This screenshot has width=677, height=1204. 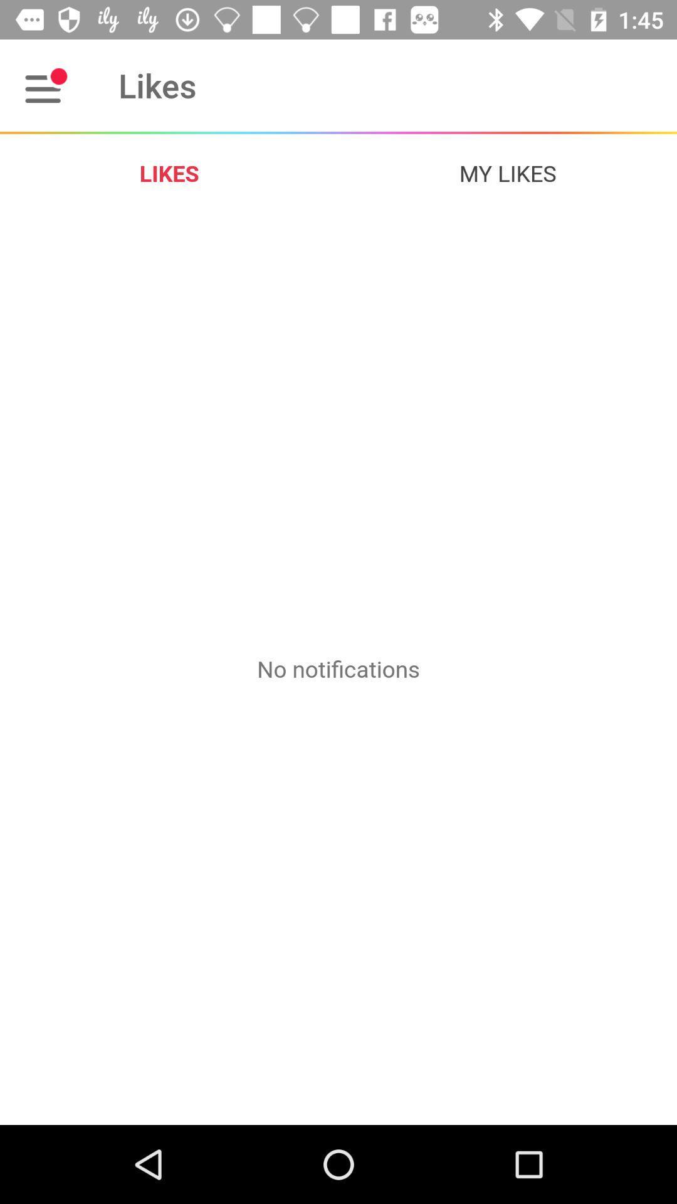 What do you see at coordinates (45, 85) in the screenshot?
I see `menu` at bounding box center [45, 85].